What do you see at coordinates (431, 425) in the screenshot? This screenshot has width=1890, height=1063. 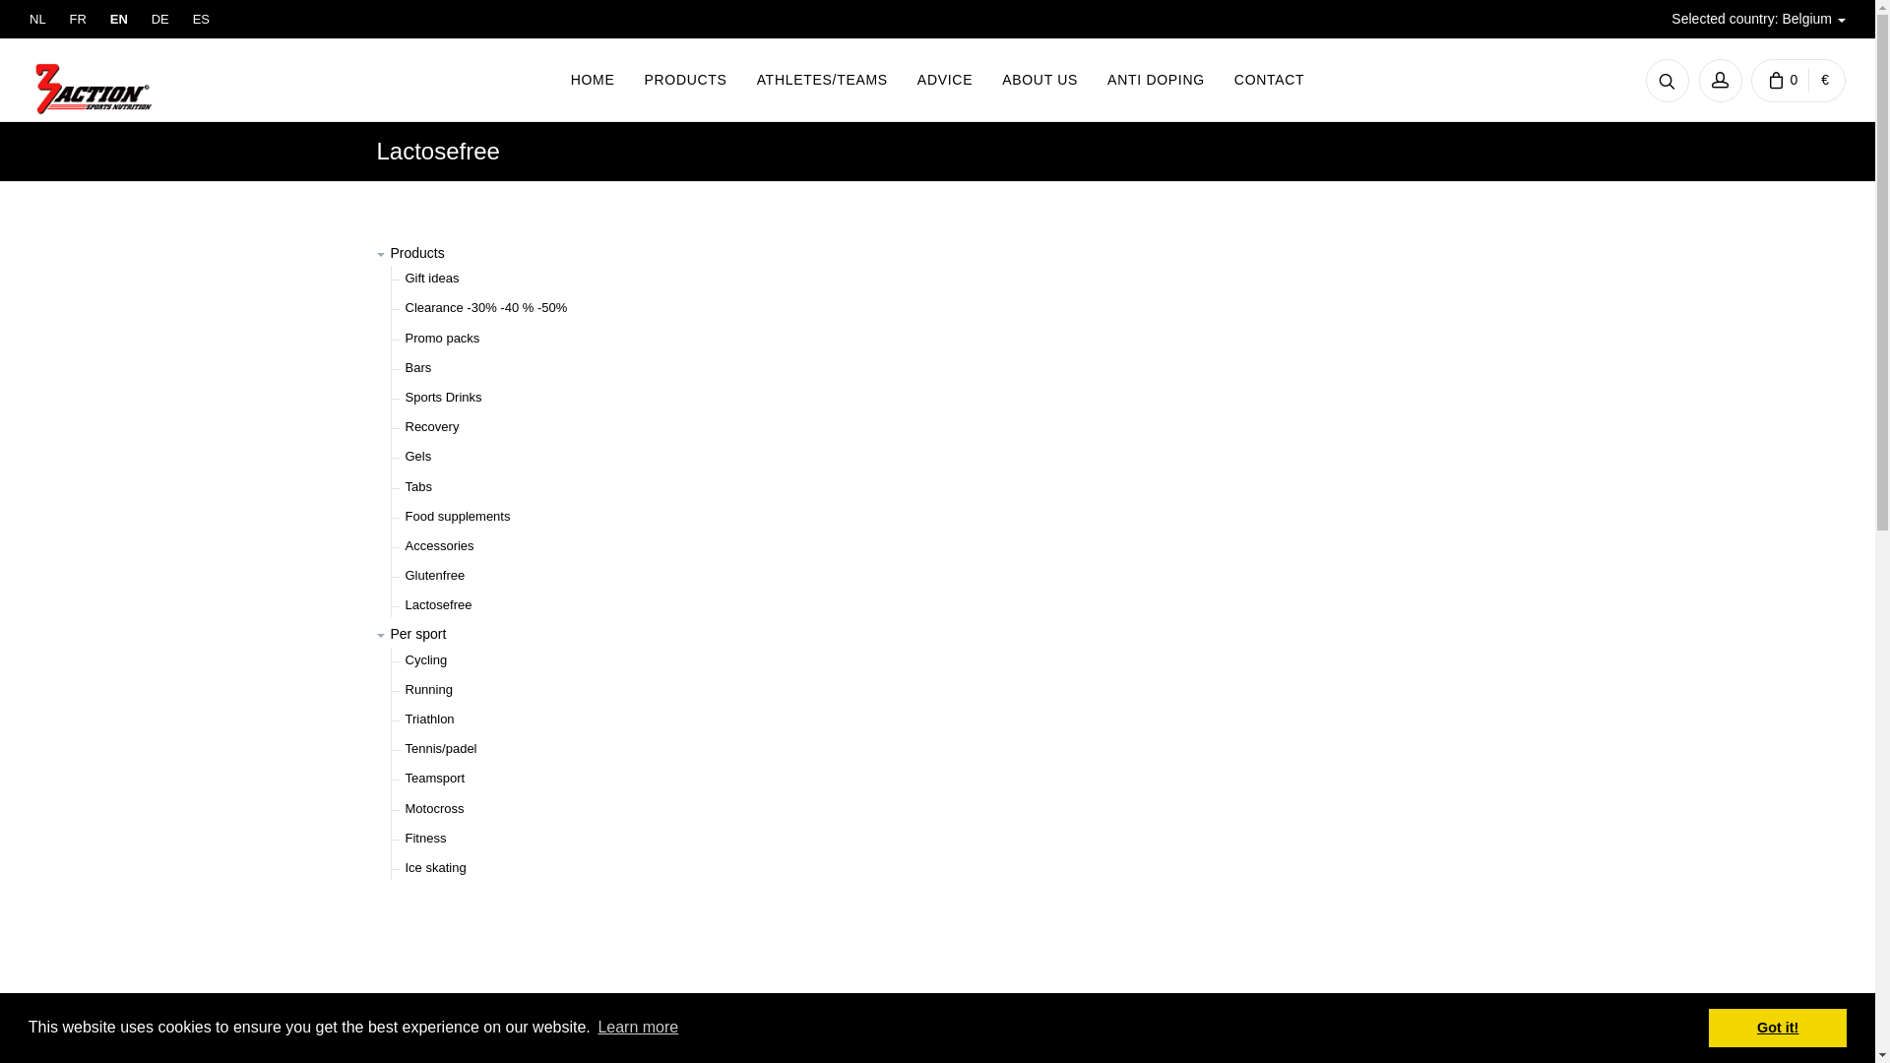 I see `'Recovery'` at bounding box center [431, 425].